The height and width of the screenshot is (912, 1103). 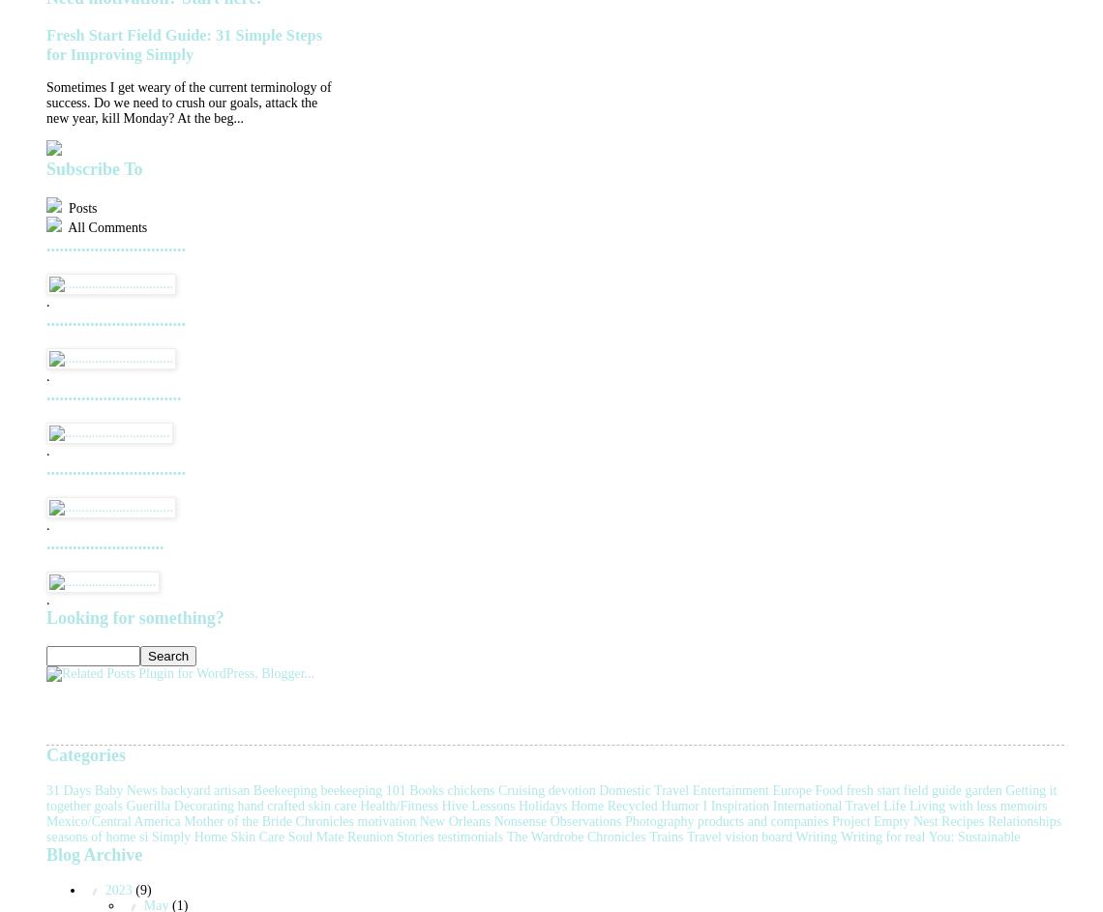 What do you see at coordinates (951, 804) in the screenshot?
I see `'Living with less'` at bounding box center [951, 804].